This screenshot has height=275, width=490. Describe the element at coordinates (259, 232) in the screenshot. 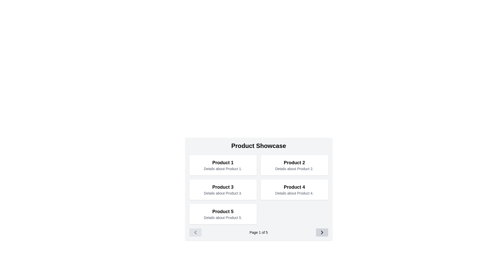

I see `the label text that indicates the current page in the paginated list or gallery, located at the bottom section of the 'Product Showcase' area, centered horizontally beneath the product list` at that location.